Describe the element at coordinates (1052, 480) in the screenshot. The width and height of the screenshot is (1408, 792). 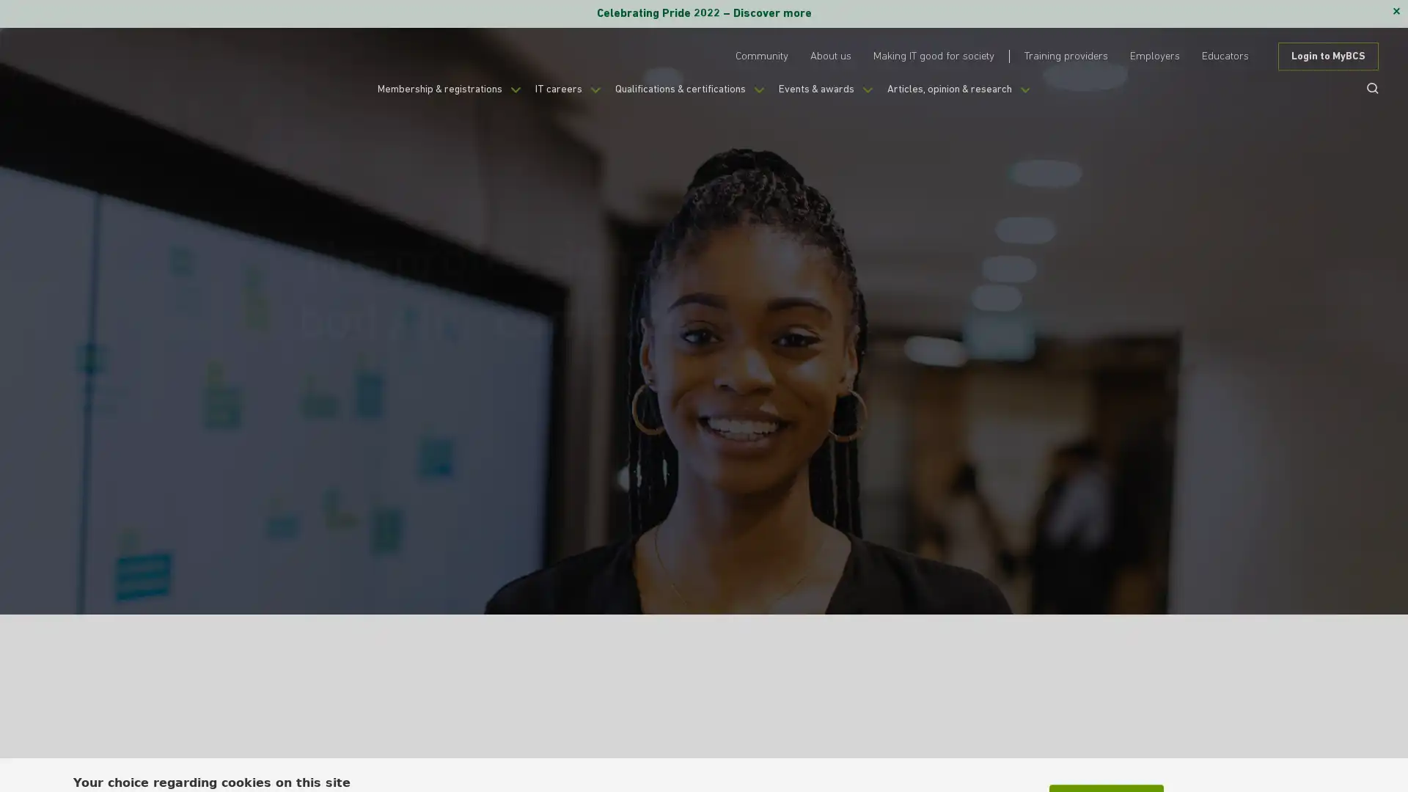
I see `Scroll to discover` at that location.